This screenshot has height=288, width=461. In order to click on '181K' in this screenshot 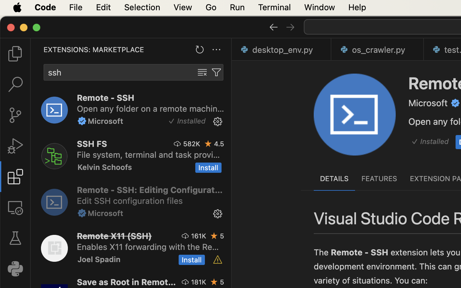, I will do `click(198, 282)`.